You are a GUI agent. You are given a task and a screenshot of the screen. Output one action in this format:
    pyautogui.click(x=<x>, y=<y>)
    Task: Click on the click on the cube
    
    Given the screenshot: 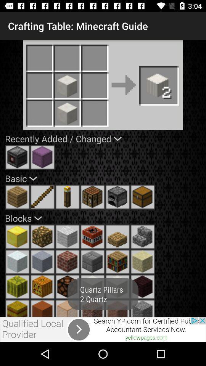 What is the action you would take?
    pyautogui.click(x=42, y=308)
    